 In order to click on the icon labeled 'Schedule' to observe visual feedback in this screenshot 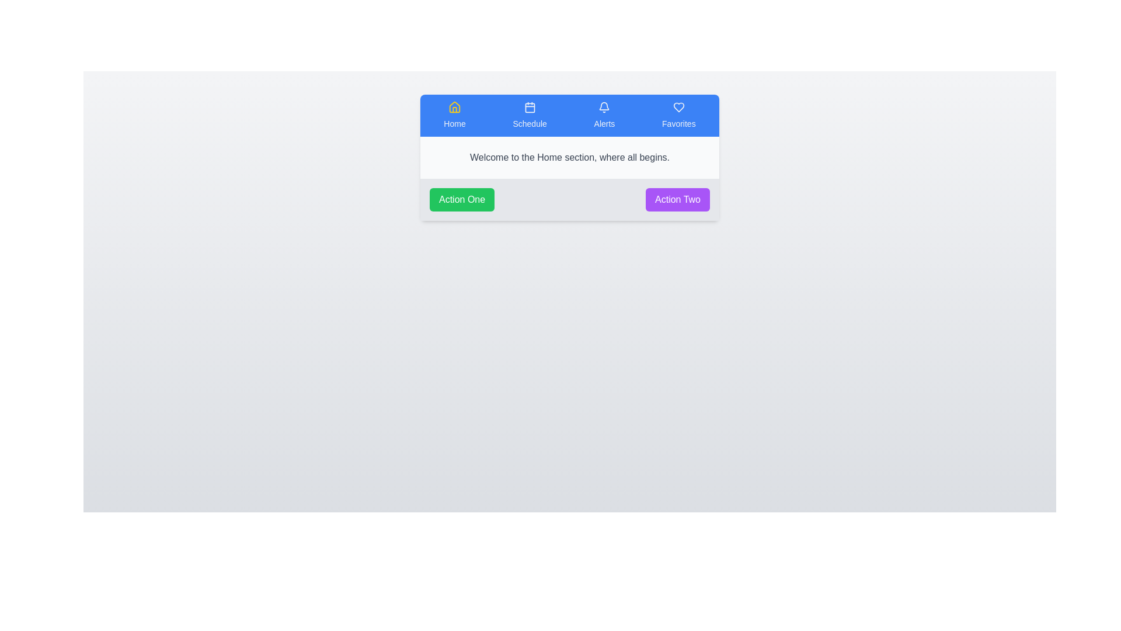, I will do `click(529, 115)`.